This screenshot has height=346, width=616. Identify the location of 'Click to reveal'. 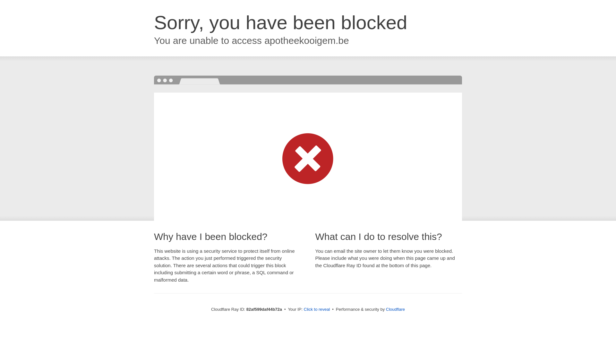
(317, 309).